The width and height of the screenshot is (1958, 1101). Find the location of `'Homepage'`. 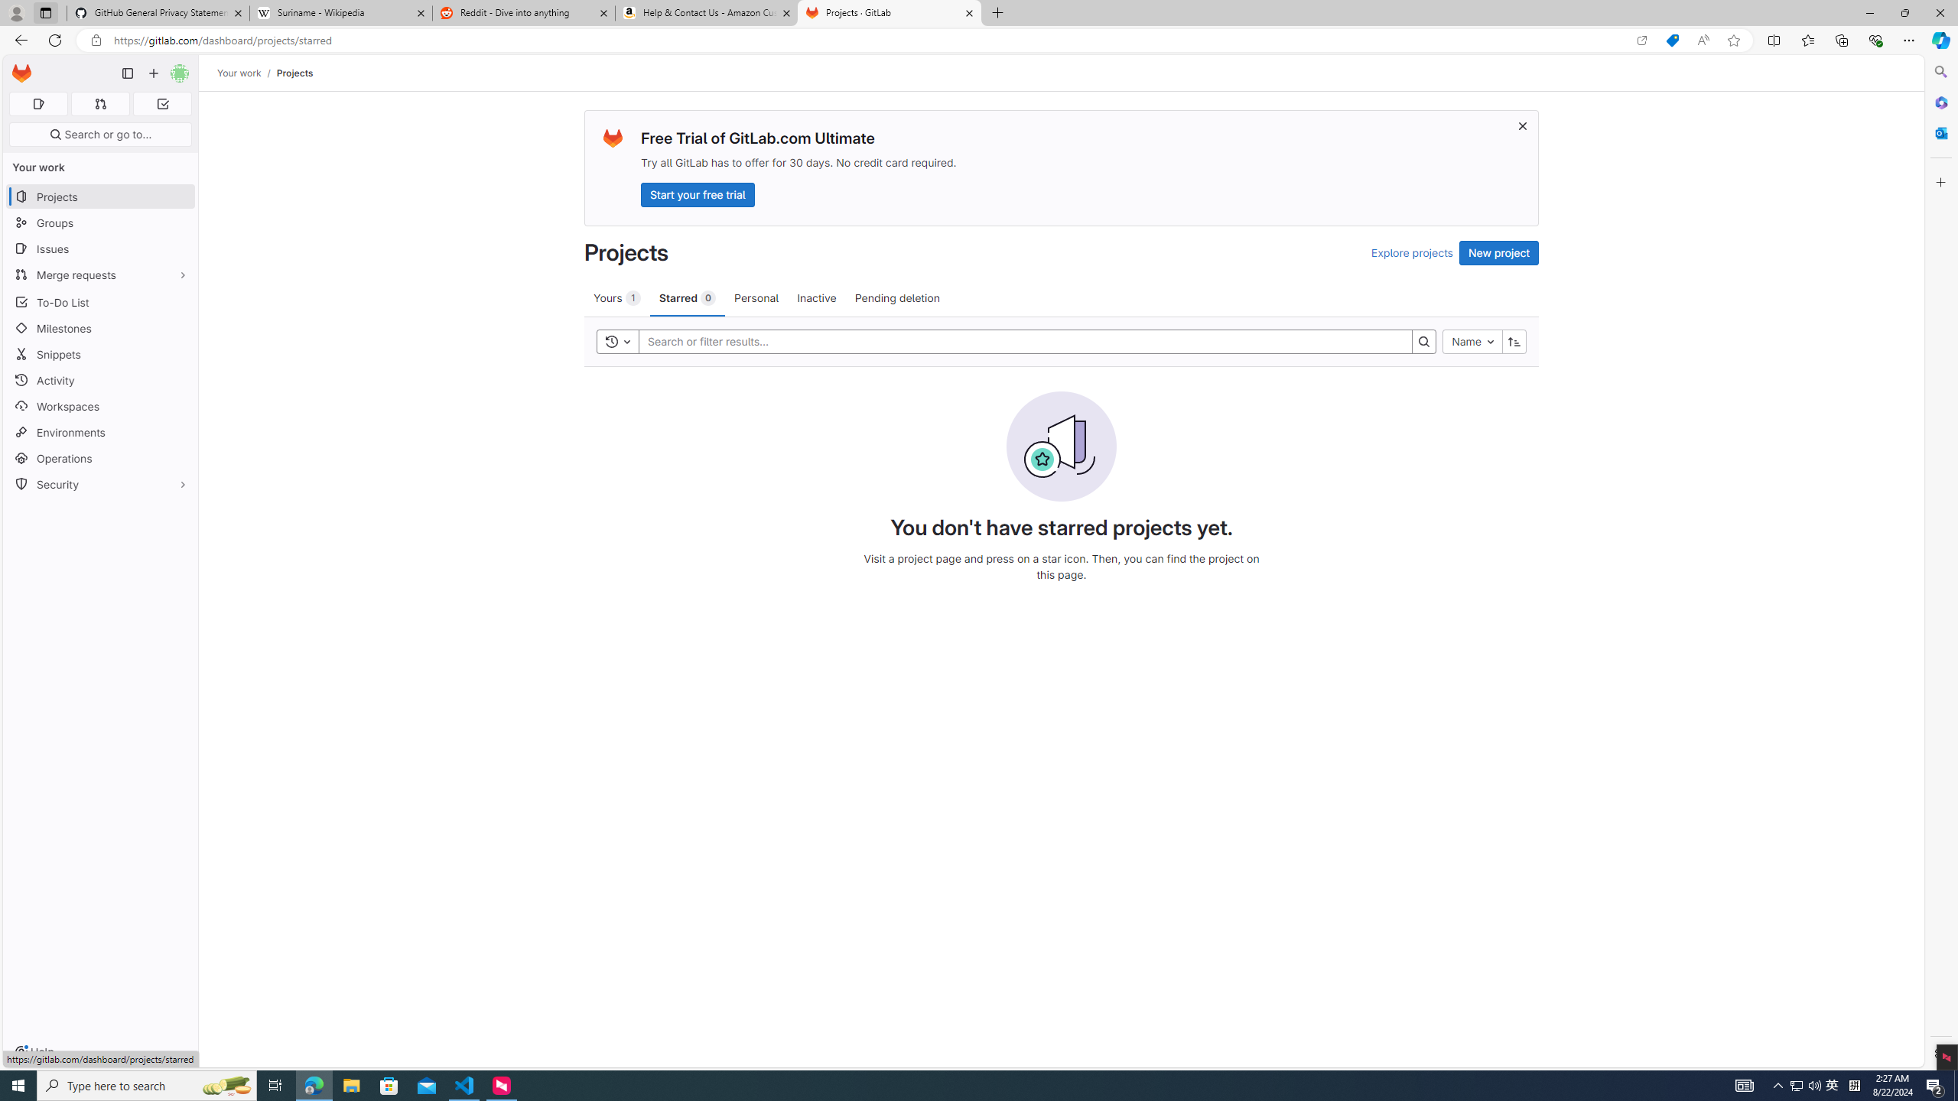

'Homepage' is located at coordinates (21, 73).